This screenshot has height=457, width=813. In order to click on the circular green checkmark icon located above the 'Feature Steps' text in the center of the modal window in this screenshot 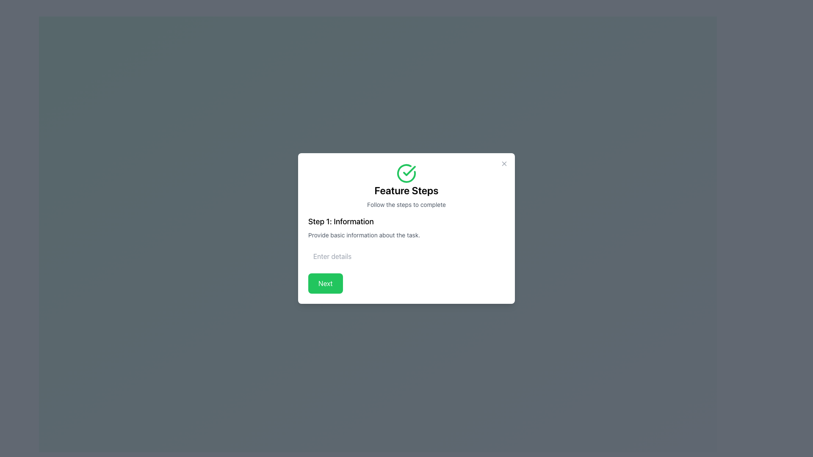, I will do `click(406, 173)`.